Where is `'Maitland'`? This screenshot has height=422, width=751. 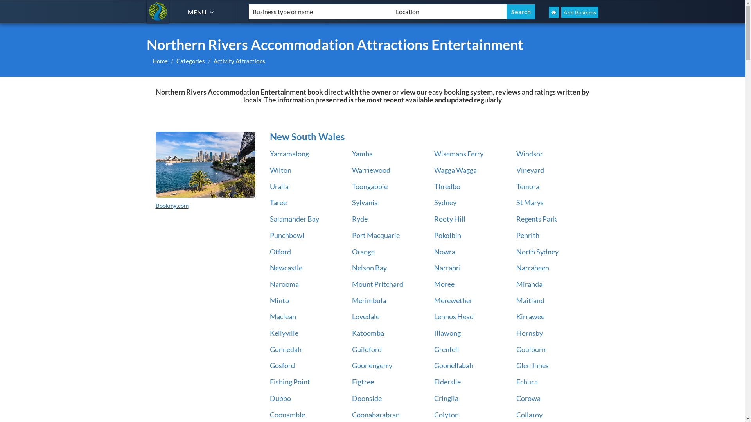
'Maitland' is located at coordinates (530, 300).